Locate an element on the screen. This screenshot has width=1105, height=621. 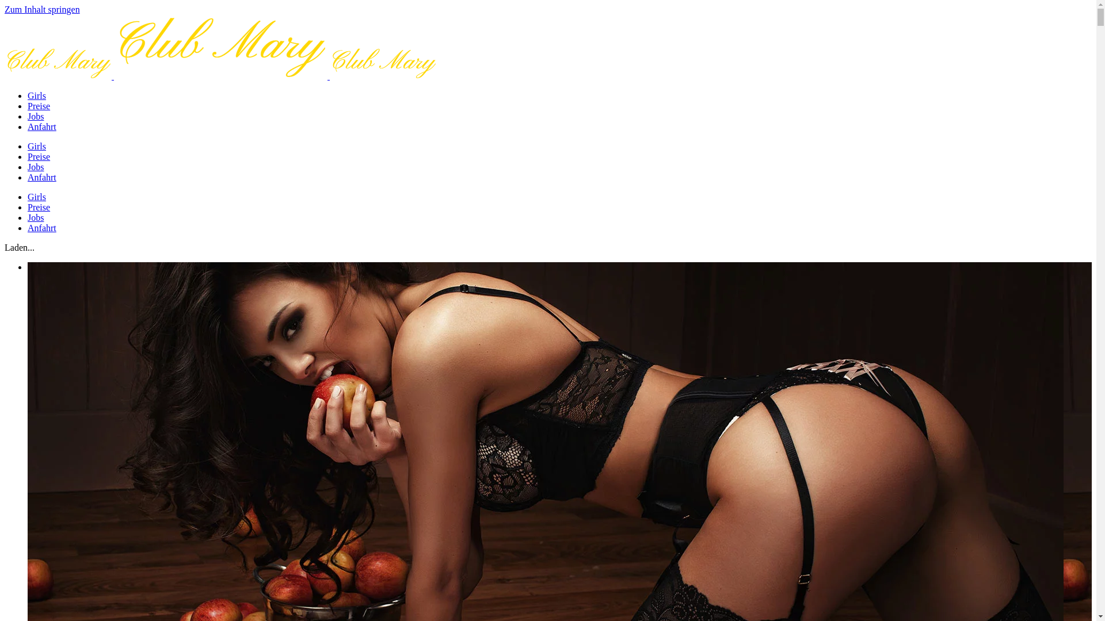
'Anfahrt' is located at coordinates (41, 228).